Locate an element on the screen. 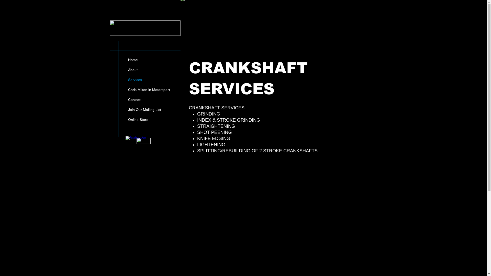  'Chris Milton in Motorsport' is located at coordinates (148, 89).